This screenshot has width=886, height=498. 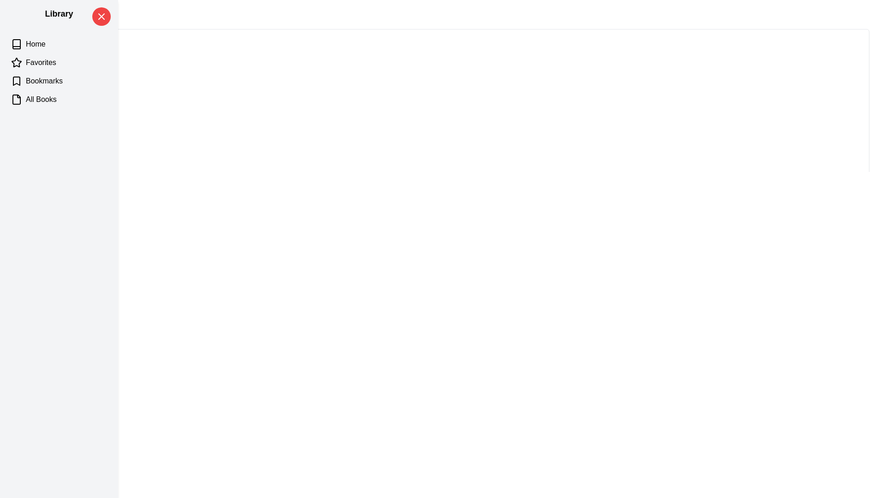 What do you see at coordinates (59, 81) in the screenshot?
I see `the category Bookmarks in the drawer` at bounding box center [59, 81].